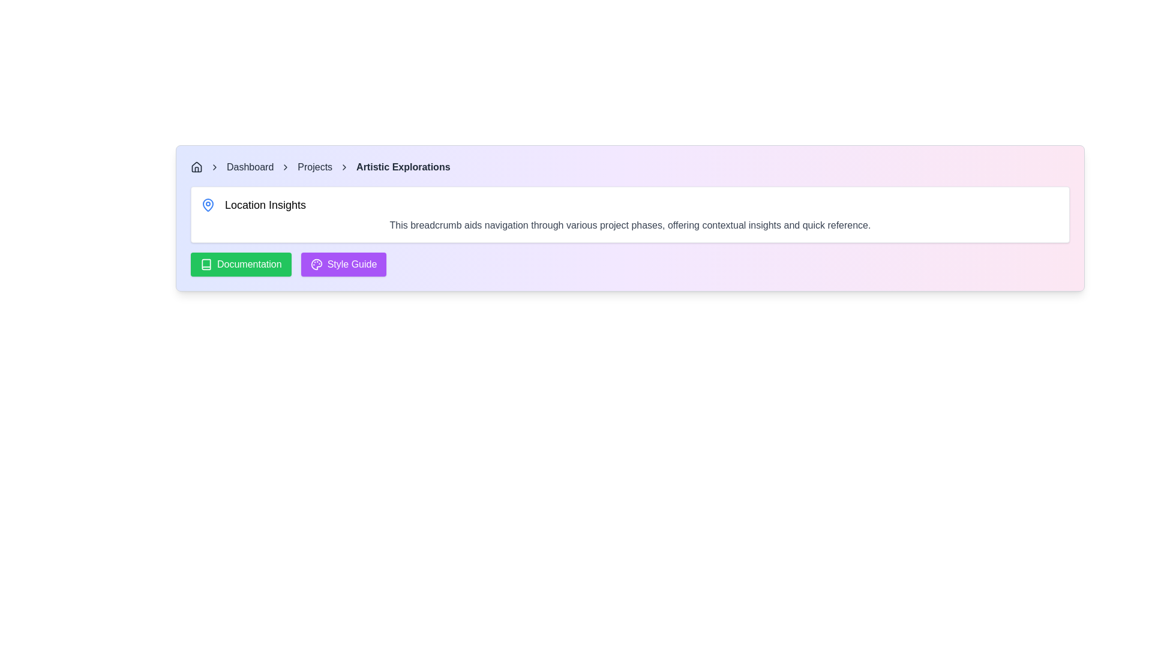  Describe the element at coordinates (206, 263) in the screenshot. I see `the 'Documentation' button icon, which is a recognizable element indicating its purpose and is located adjacent to a purple 'Style Guide' button` at that location.